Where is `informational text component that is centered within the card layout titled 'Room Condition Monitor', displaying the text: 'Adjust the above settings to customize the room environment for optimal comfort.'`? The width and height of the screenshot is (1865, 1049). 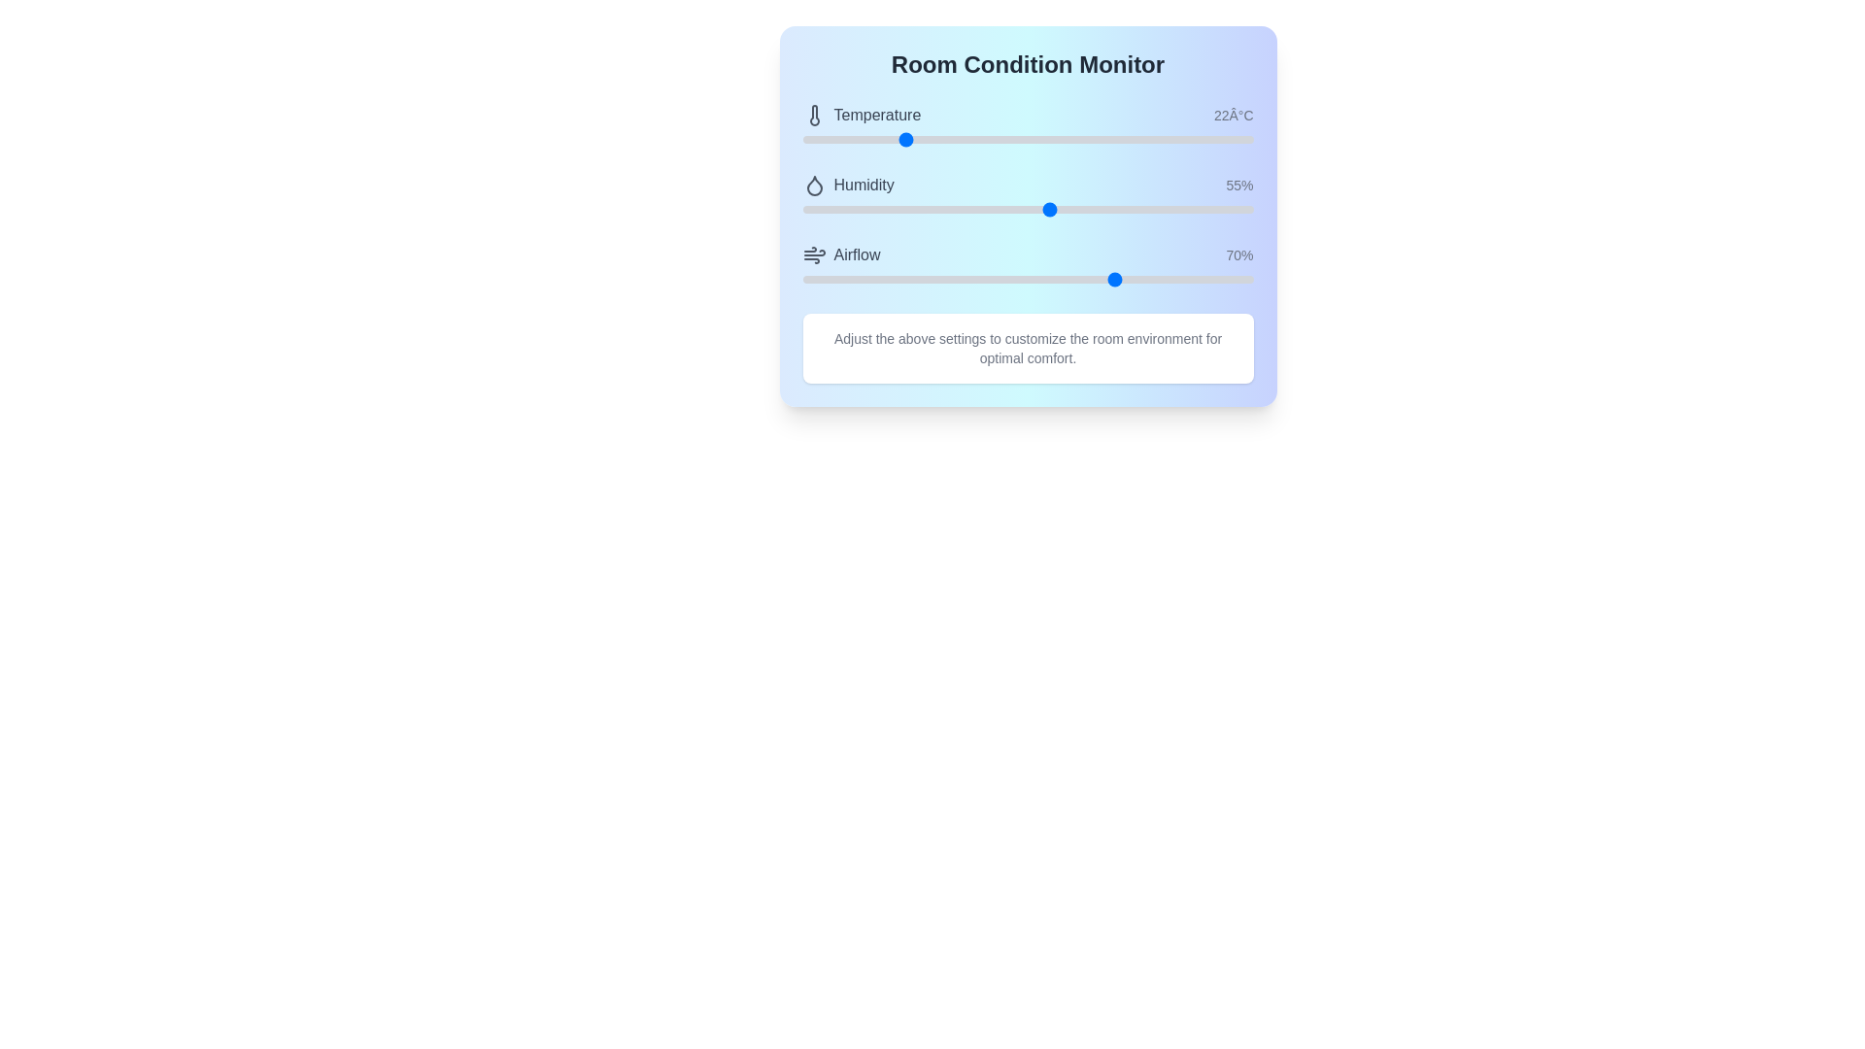
informational text component that is centered within the card layout titled 'Room Condition Monitor', displaying the text: 'Adjust the above settings to customize the room environment for optimal comfort.' is located at coordinates (1027, 347).